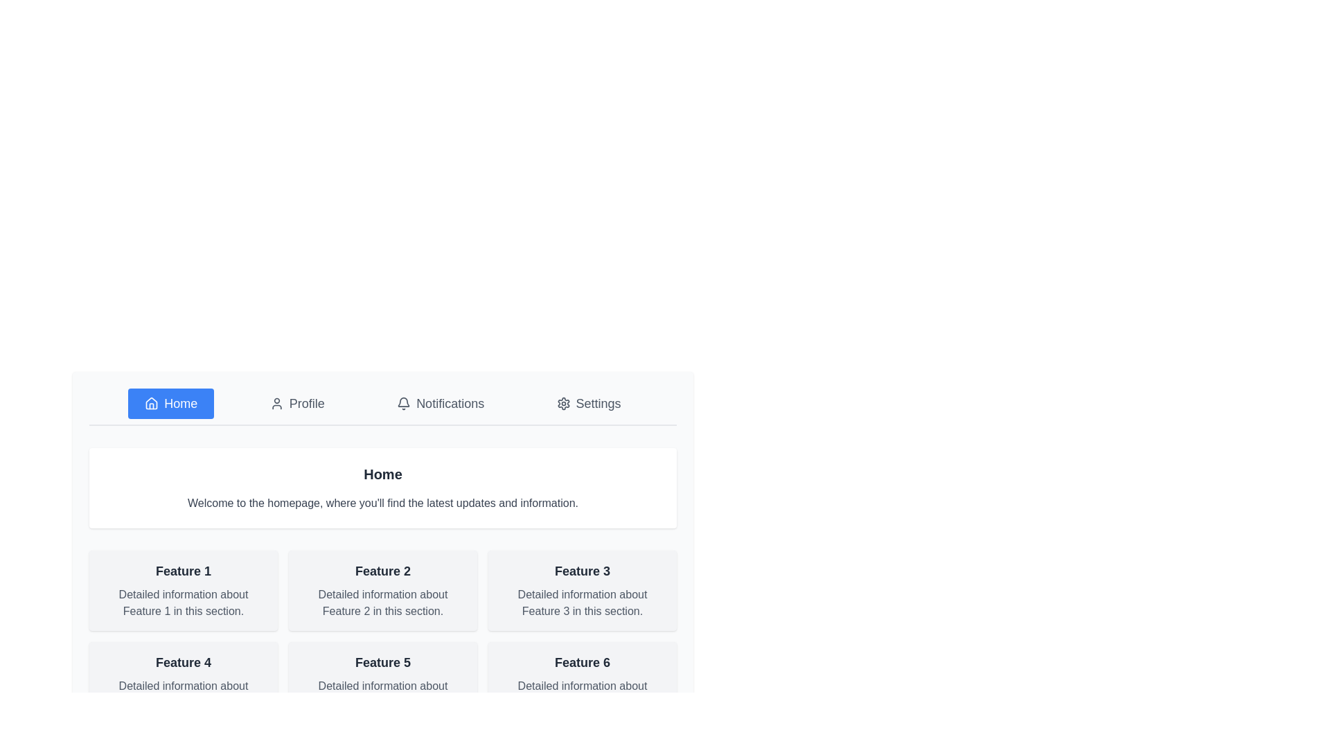 The height and width of the screenshot is (748, 1330). Describe the element at coordinates (403, 403) in the screenshot. I see `the notifications icon located to the left of the 'Notifications' label in the navigation menu at the top of the interface` at that location.